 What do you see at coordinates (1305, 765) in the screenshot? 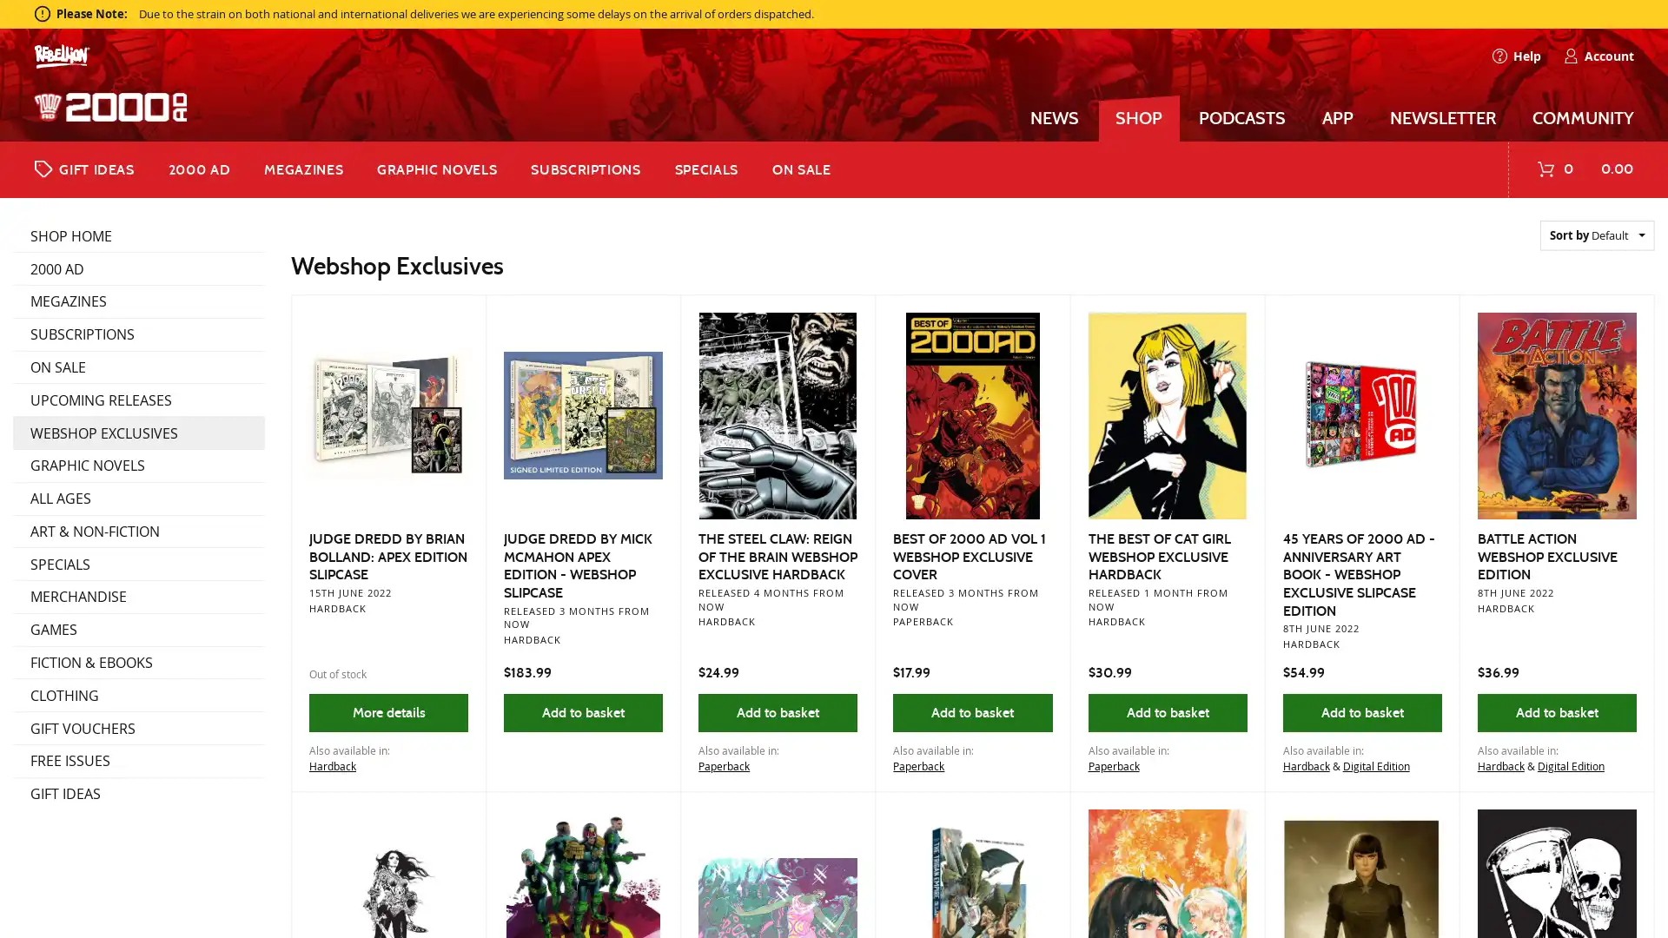
I see `Hardback` at bounding box center [1305, 765].